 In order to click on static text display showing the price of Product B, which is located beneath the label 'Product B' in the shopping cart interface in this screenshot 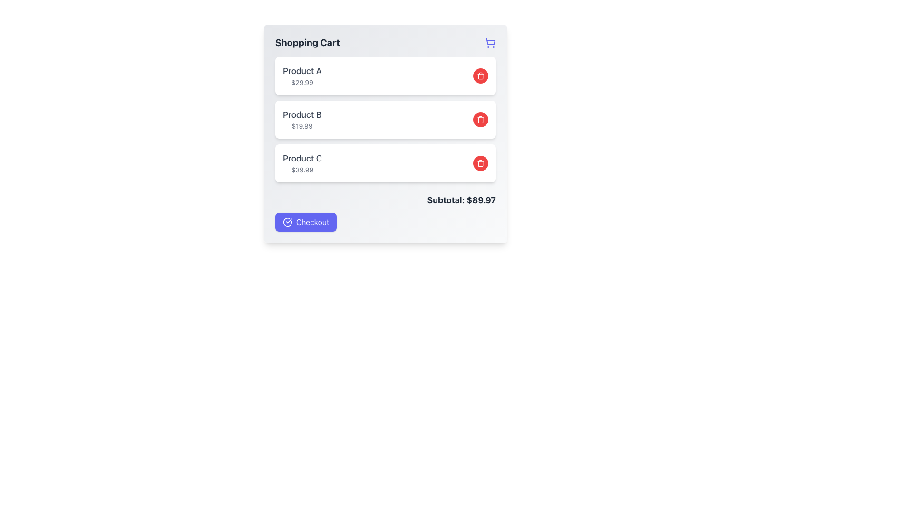, I will do `click(301, 126)`.